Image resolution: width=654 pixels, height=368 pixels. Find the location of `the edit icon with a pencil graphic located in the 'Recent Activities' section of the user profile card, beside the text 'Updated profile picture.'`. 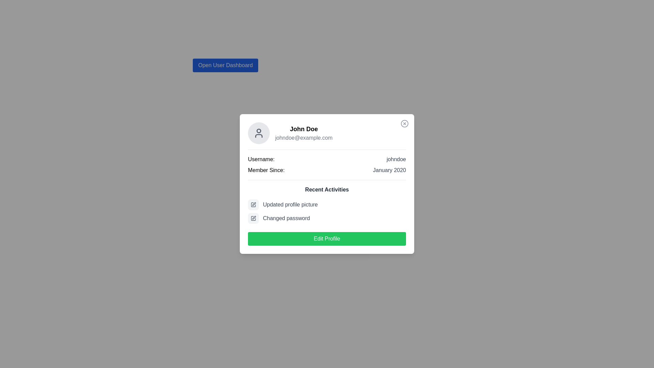

the edit icon with a pencil graphic located in the 'Recent Activities' section of the user profile card, beside the text 'Updated profile picture.' is located at coordinates (253, 204).